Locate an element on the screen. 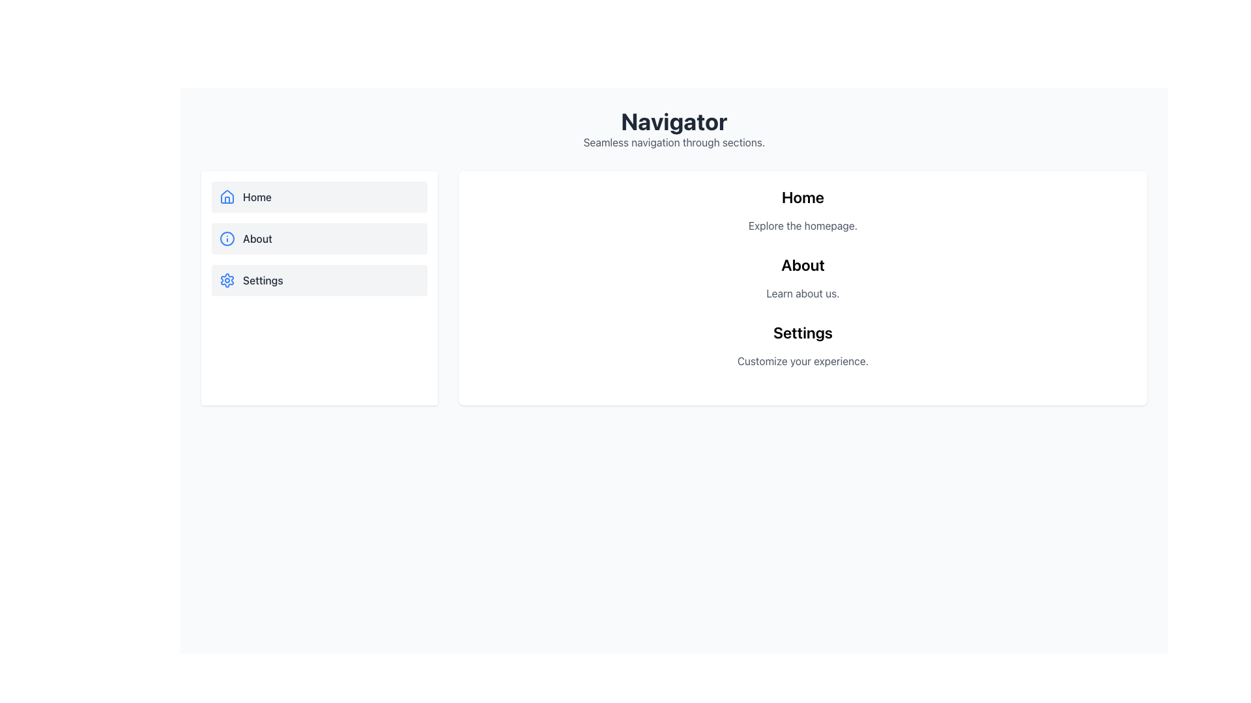  the text element styled in gray that reads 'Customize your experience.' located below the 'Settings' header in the right-side panel is located at coordinates (802, 361).